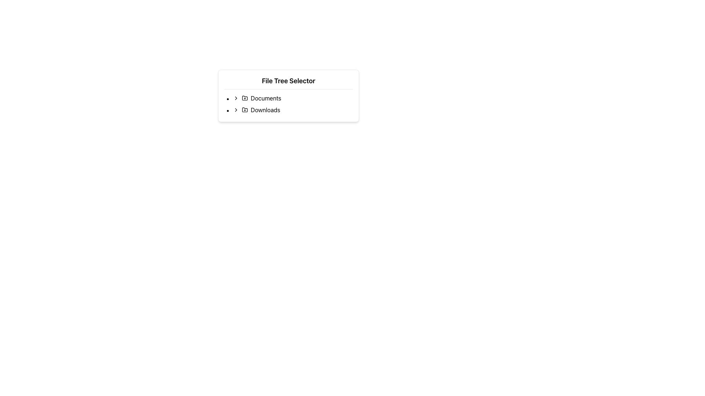 This screenshot has width=705, height=396. Describe the element at coordinates (245, 110) in the screenshot. I see `the folder icon with an addition symbol located in the 'Downloads' section of the file tree` at that location.